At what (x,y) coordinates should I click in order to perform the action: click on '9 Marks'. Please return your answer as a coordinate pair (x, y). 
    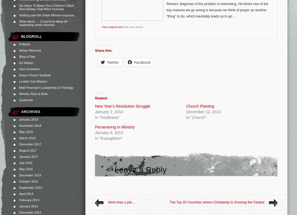
    Looking at the image, I should click on (24, 44).